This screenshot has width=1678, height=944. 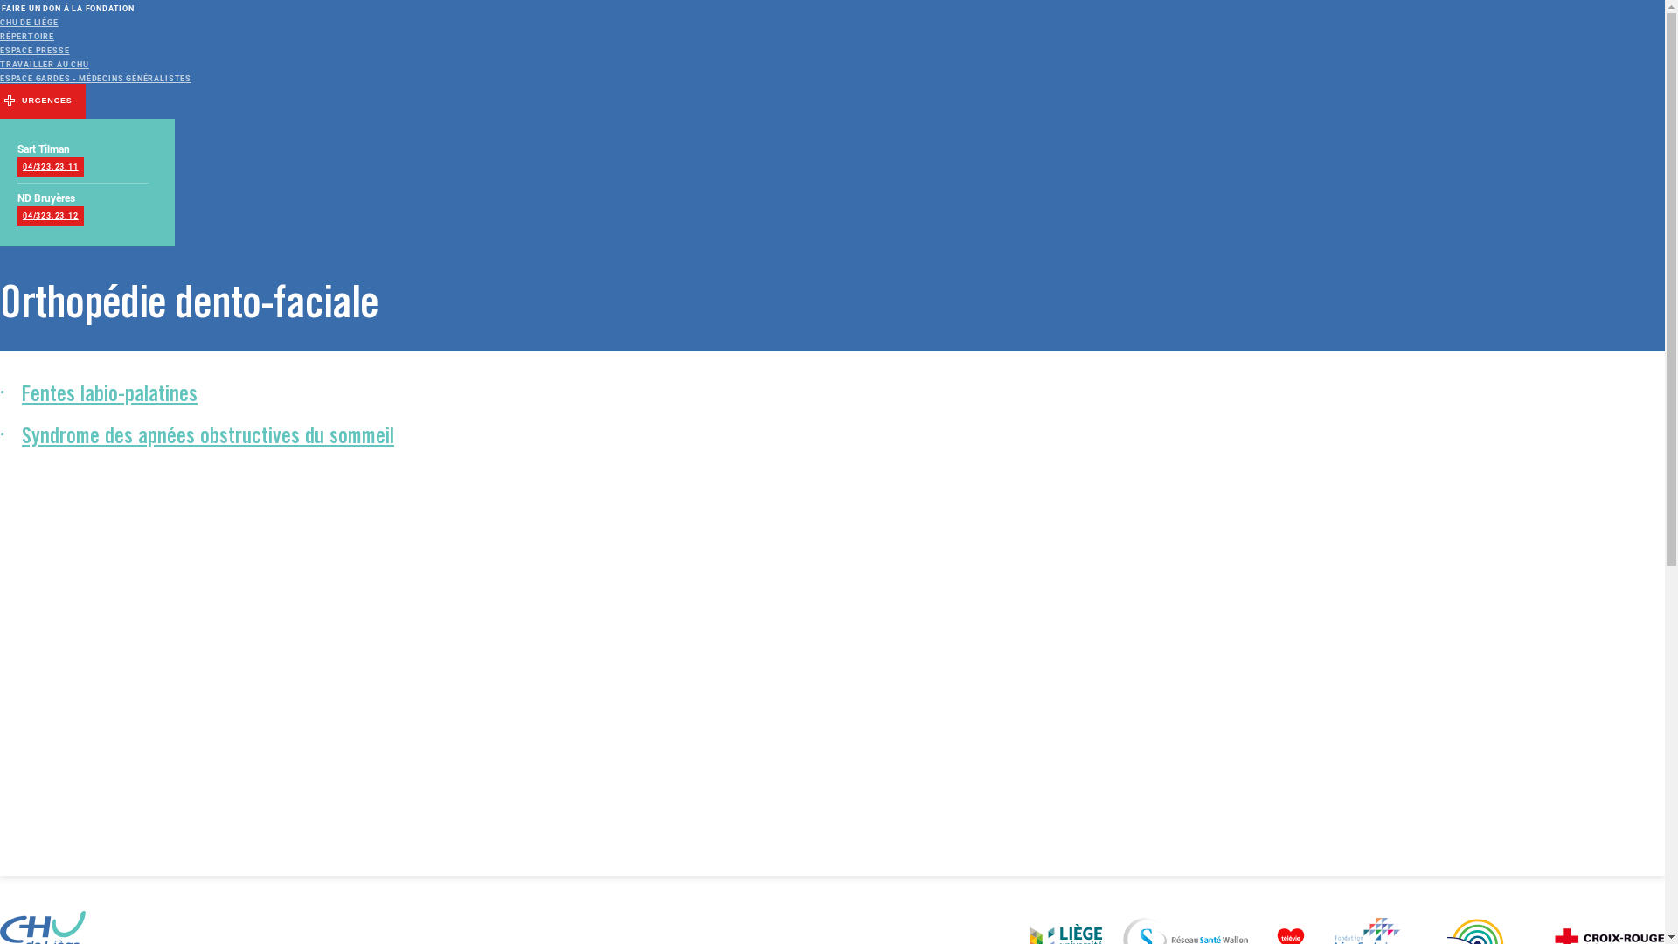 What do you see at coordinates (17, 167) in the screenshot?
I see `'04/323.23.11'` at bounding box center [17, 167].